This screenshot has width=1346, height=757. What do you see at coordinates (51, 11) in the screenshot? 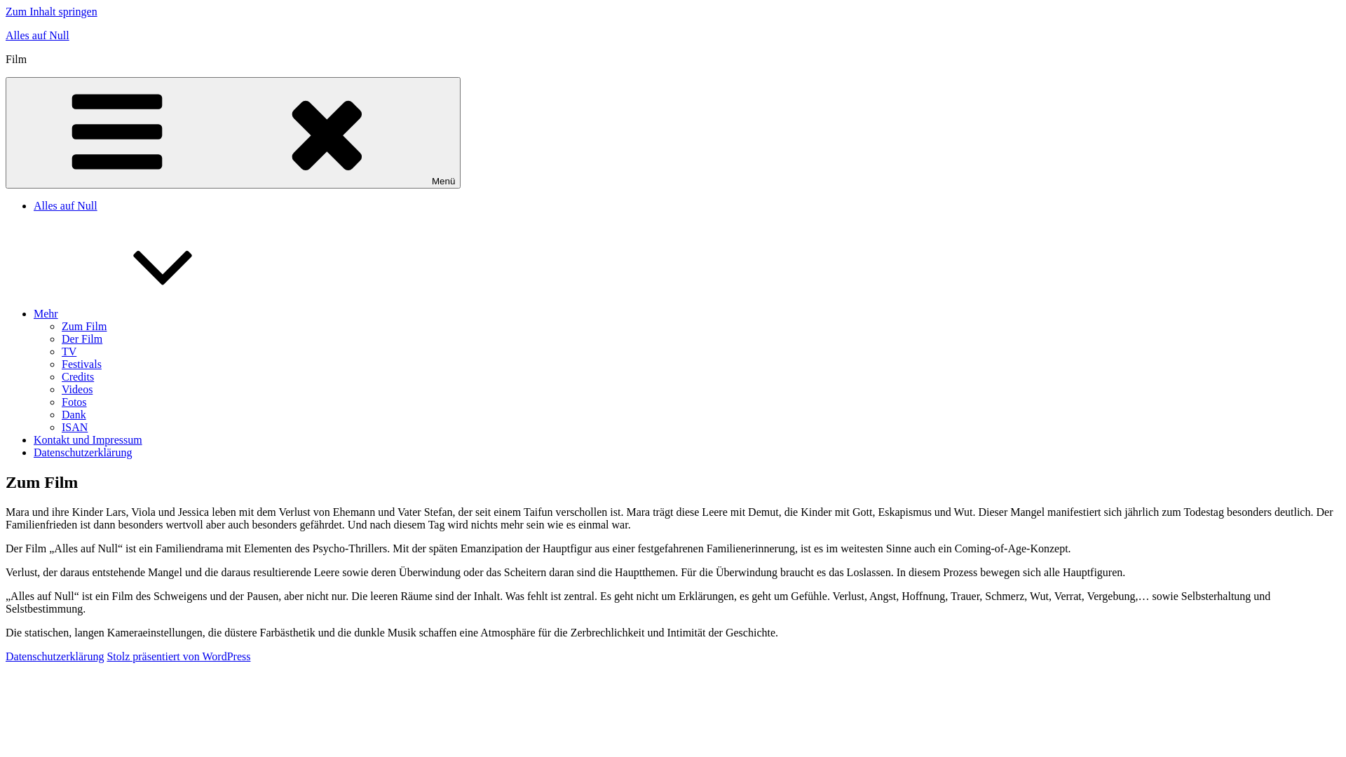
I see `'Zum Inhalt springen'` at bounding box center [51, 11].